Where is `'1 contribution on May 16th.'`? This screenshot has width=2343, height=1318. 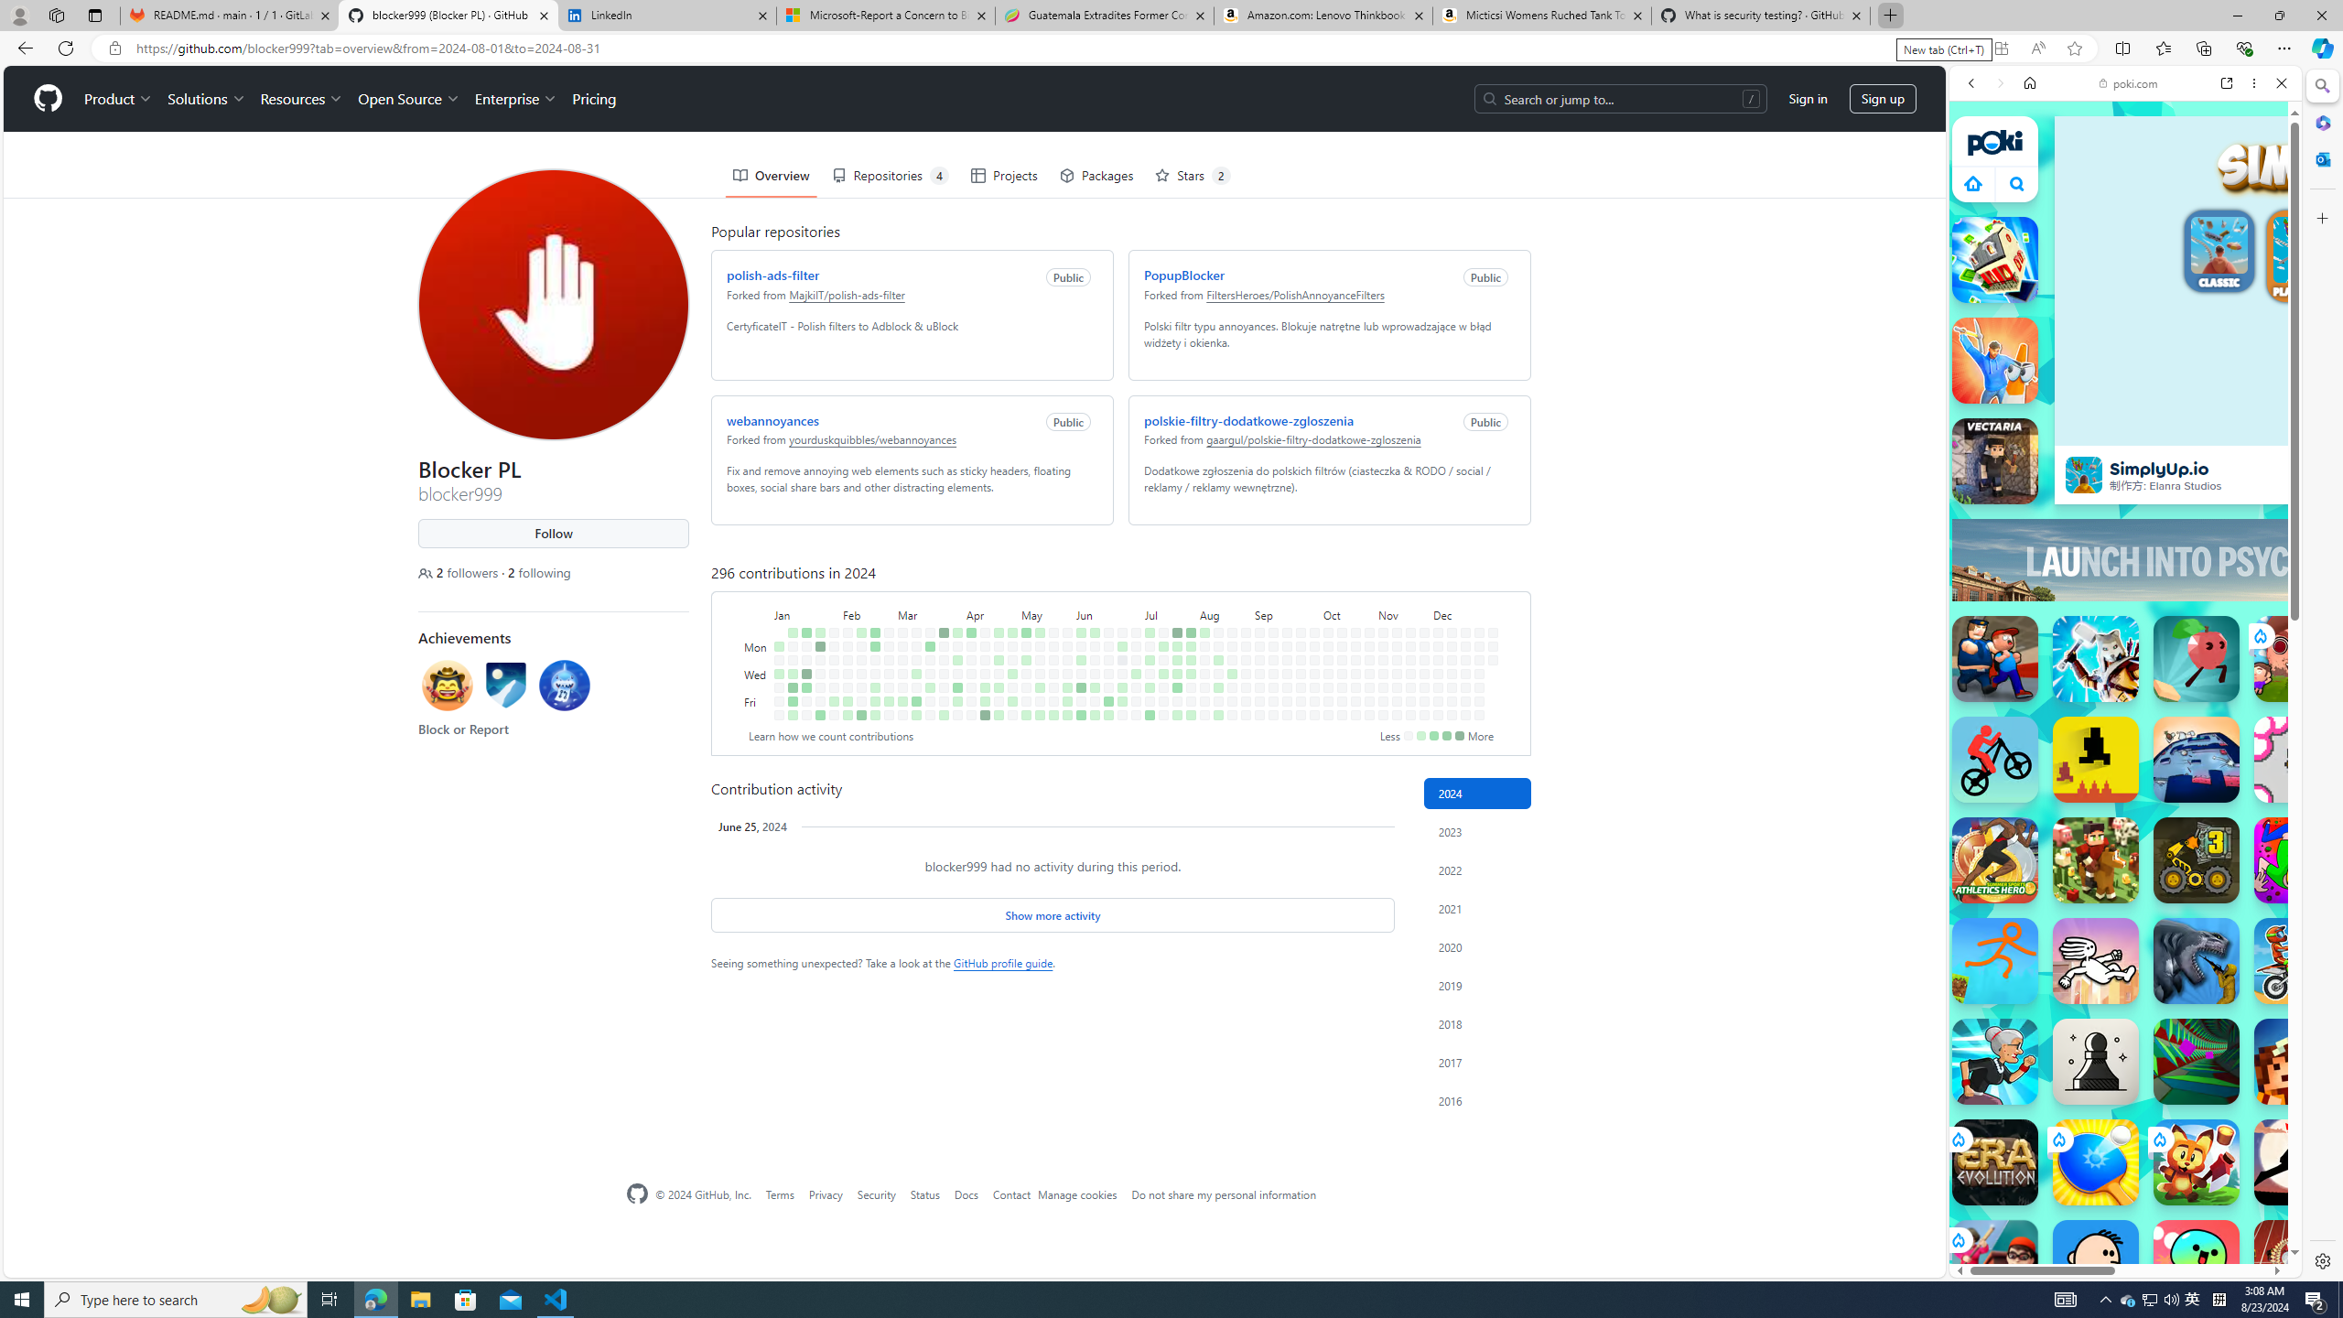 '1 contribution on May 16th.' is located at coordinates (1040, 686).